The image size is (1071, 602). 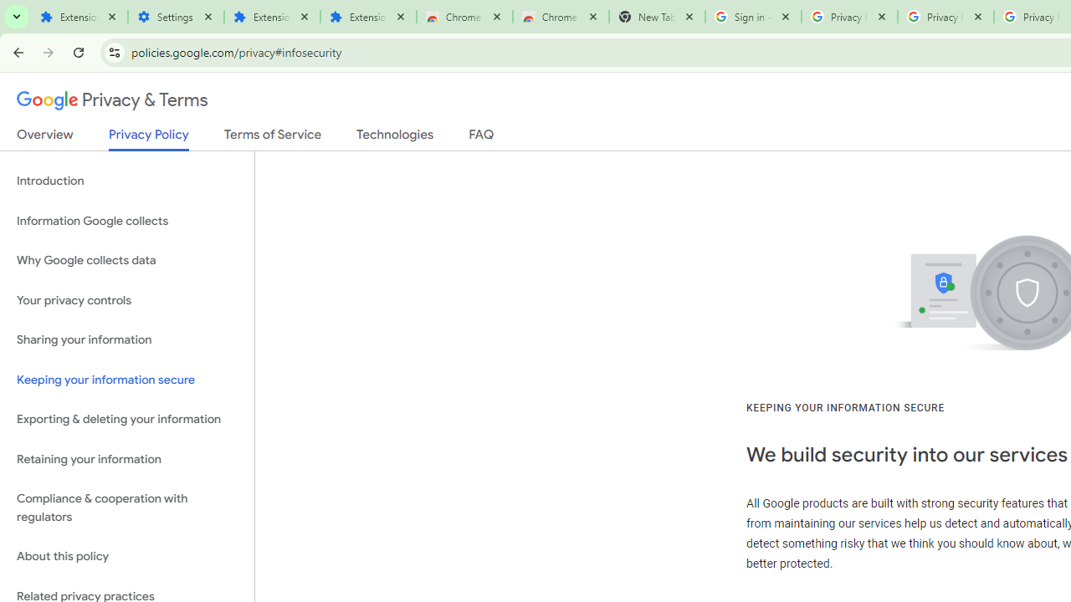 I want to click on 'Chrome Web Store - Themes', so click(x=561, y=17).